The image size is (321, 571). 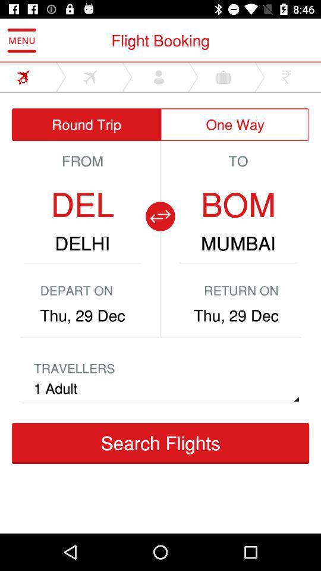 What do you see at coordinates (241, 341) in the screenshot?
I see `the my bookings item` at bounding box center [241, 341].